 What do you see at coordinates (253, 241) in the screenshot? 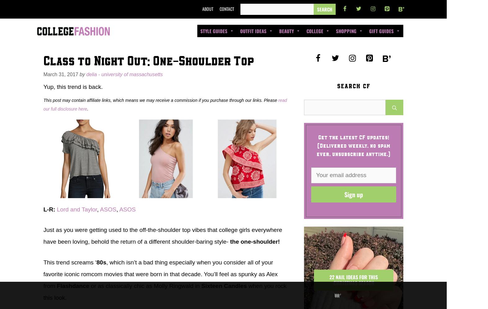
I see `'the one-shoulder'` at bounding box center [253, 241].